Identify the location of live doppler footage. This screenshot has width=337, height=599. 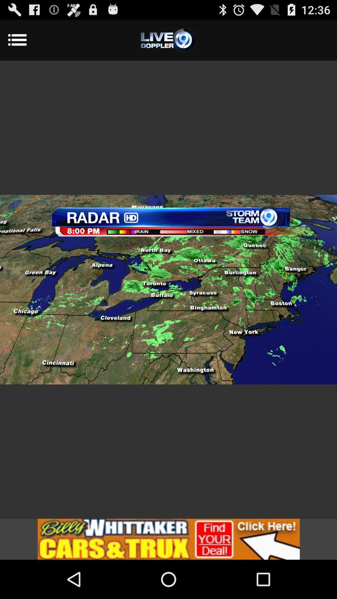
(168, 40).